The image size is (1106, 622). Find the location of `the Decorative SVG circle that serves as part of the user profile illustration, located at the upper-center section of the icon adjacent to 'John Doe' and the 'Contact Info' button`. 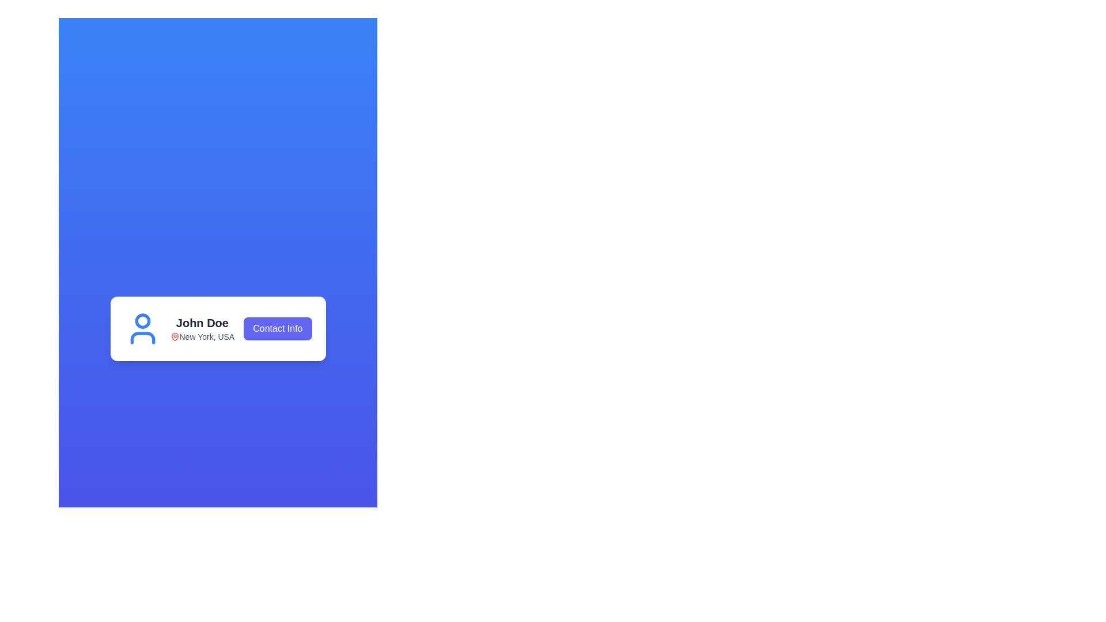

the Decorative SVG circle that serves as part of the user profile illustration, located at the upper-center section of the icon adjacent to 'John Doe' and the 'Contact Info' button is located at coordinates (142, 321).